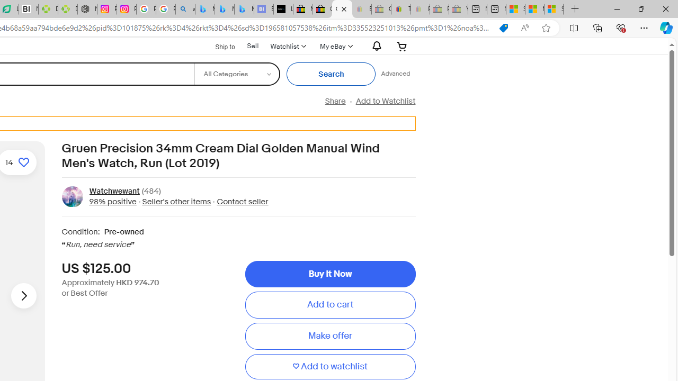 The width and height of the screenshot is (678, 381). I want to click on 'My eBayExpand My eBay', so click(334, 46).